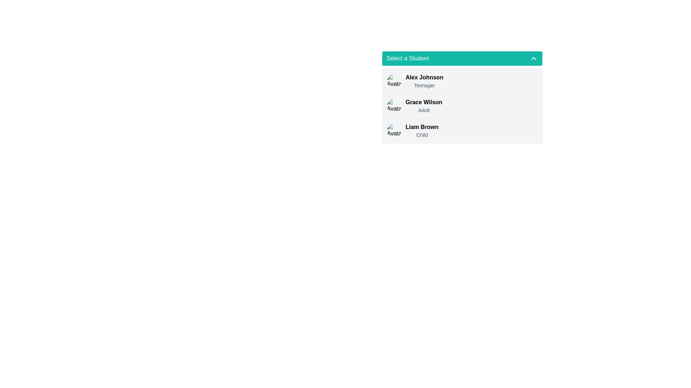  What do you see at coordinates (462, 58) in the screenshot?
I see `the dropdown menu trigger located at the top of the list of student names` at bounding box center [462, 58].